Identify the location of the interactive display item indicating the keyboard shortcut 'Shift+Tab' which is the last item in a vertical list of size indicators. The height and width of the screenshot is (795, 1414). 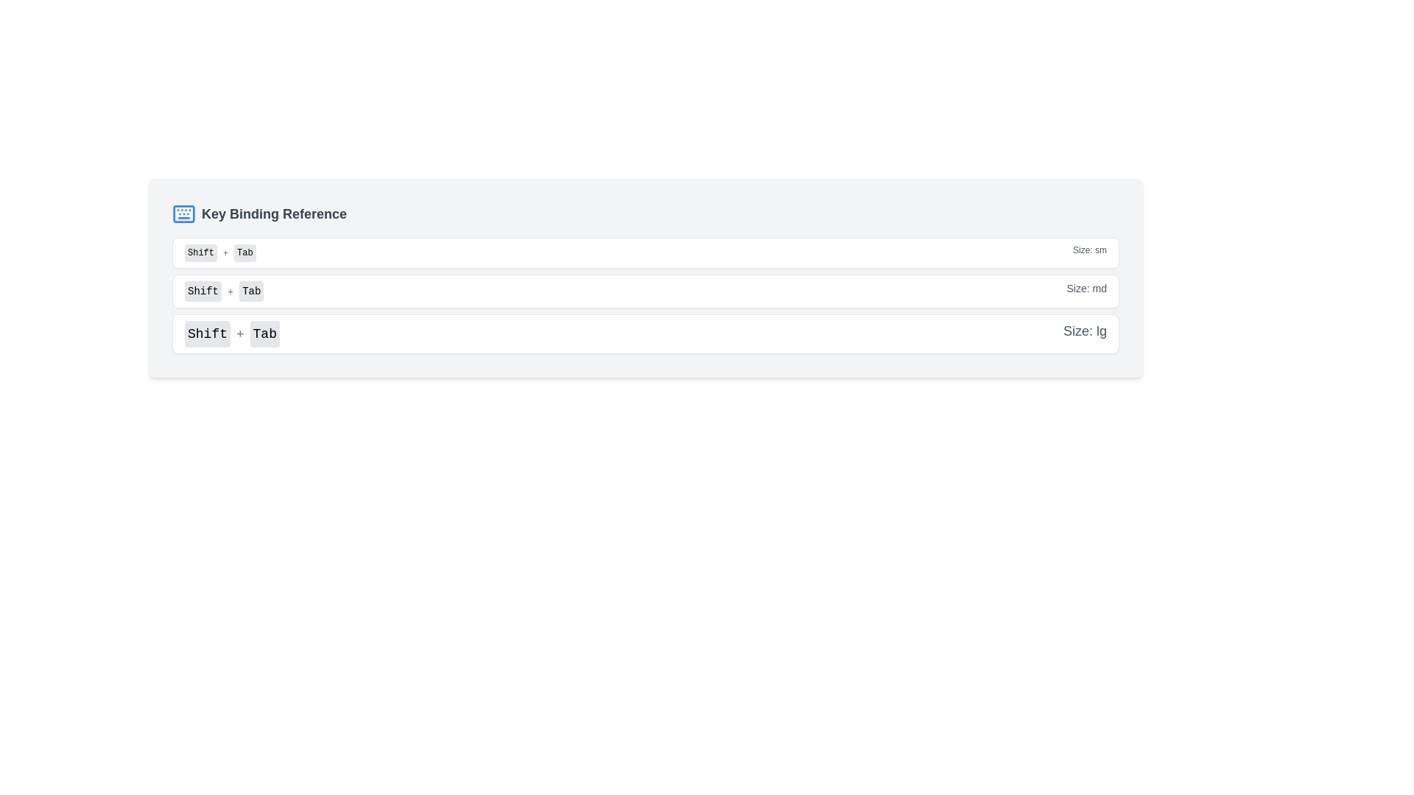
(646, 334).